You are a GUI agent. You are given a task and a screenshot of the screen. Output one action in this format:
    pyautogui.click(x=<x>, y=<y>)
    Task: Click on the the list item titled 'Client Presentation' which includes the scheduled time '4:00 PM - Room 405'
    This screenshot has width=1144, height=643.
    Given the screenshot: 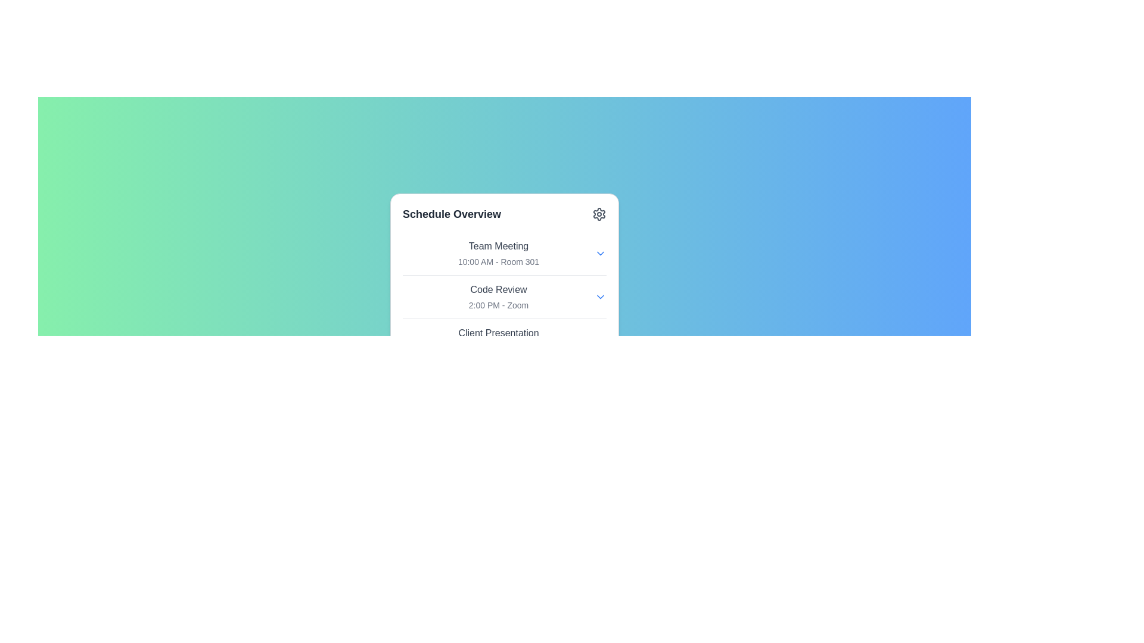 What is the action you would take?
    pyautogui.click(x=498, y=340)
    